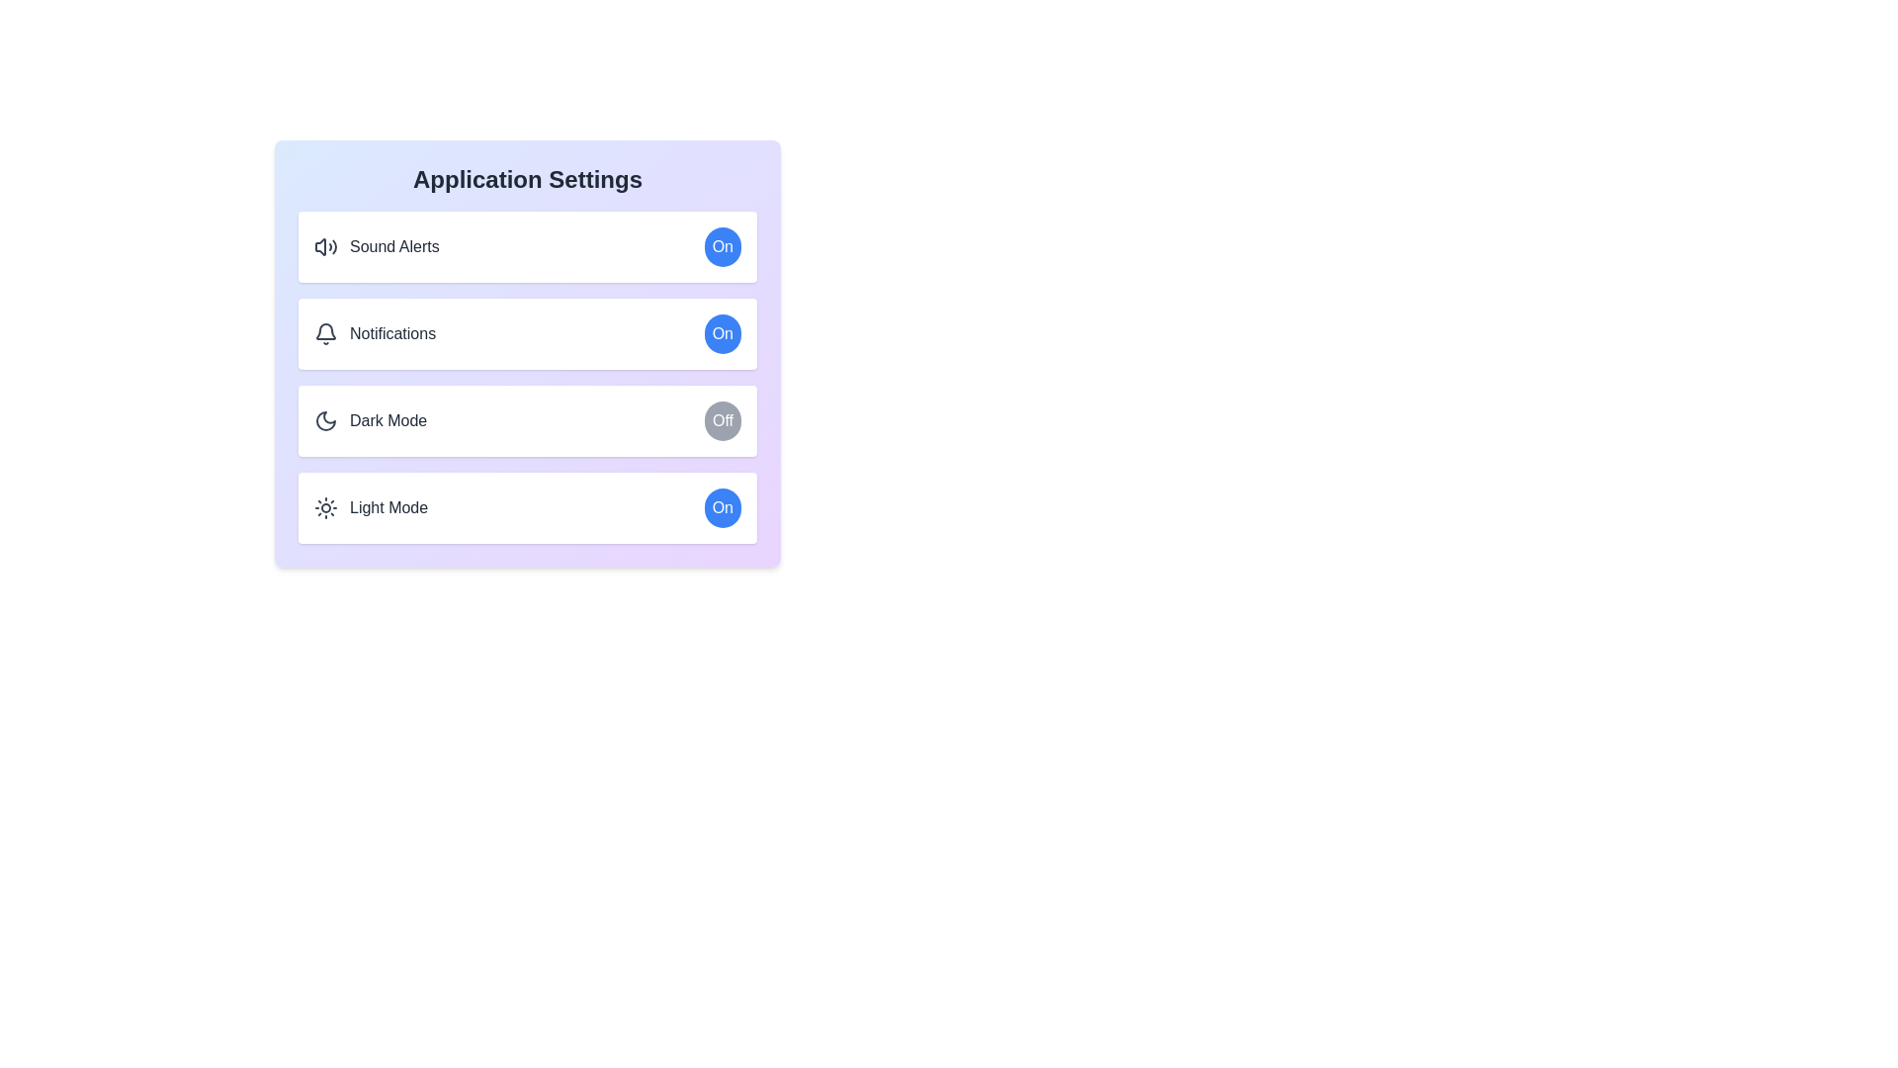  Describe the element at coordinates (326, 419) in the screenshot. I see `the 'Dark Mode' icon, which is positioned at the beginning of the third row in the settings list, adjacent to the text 'Dark Mode'` at that location.